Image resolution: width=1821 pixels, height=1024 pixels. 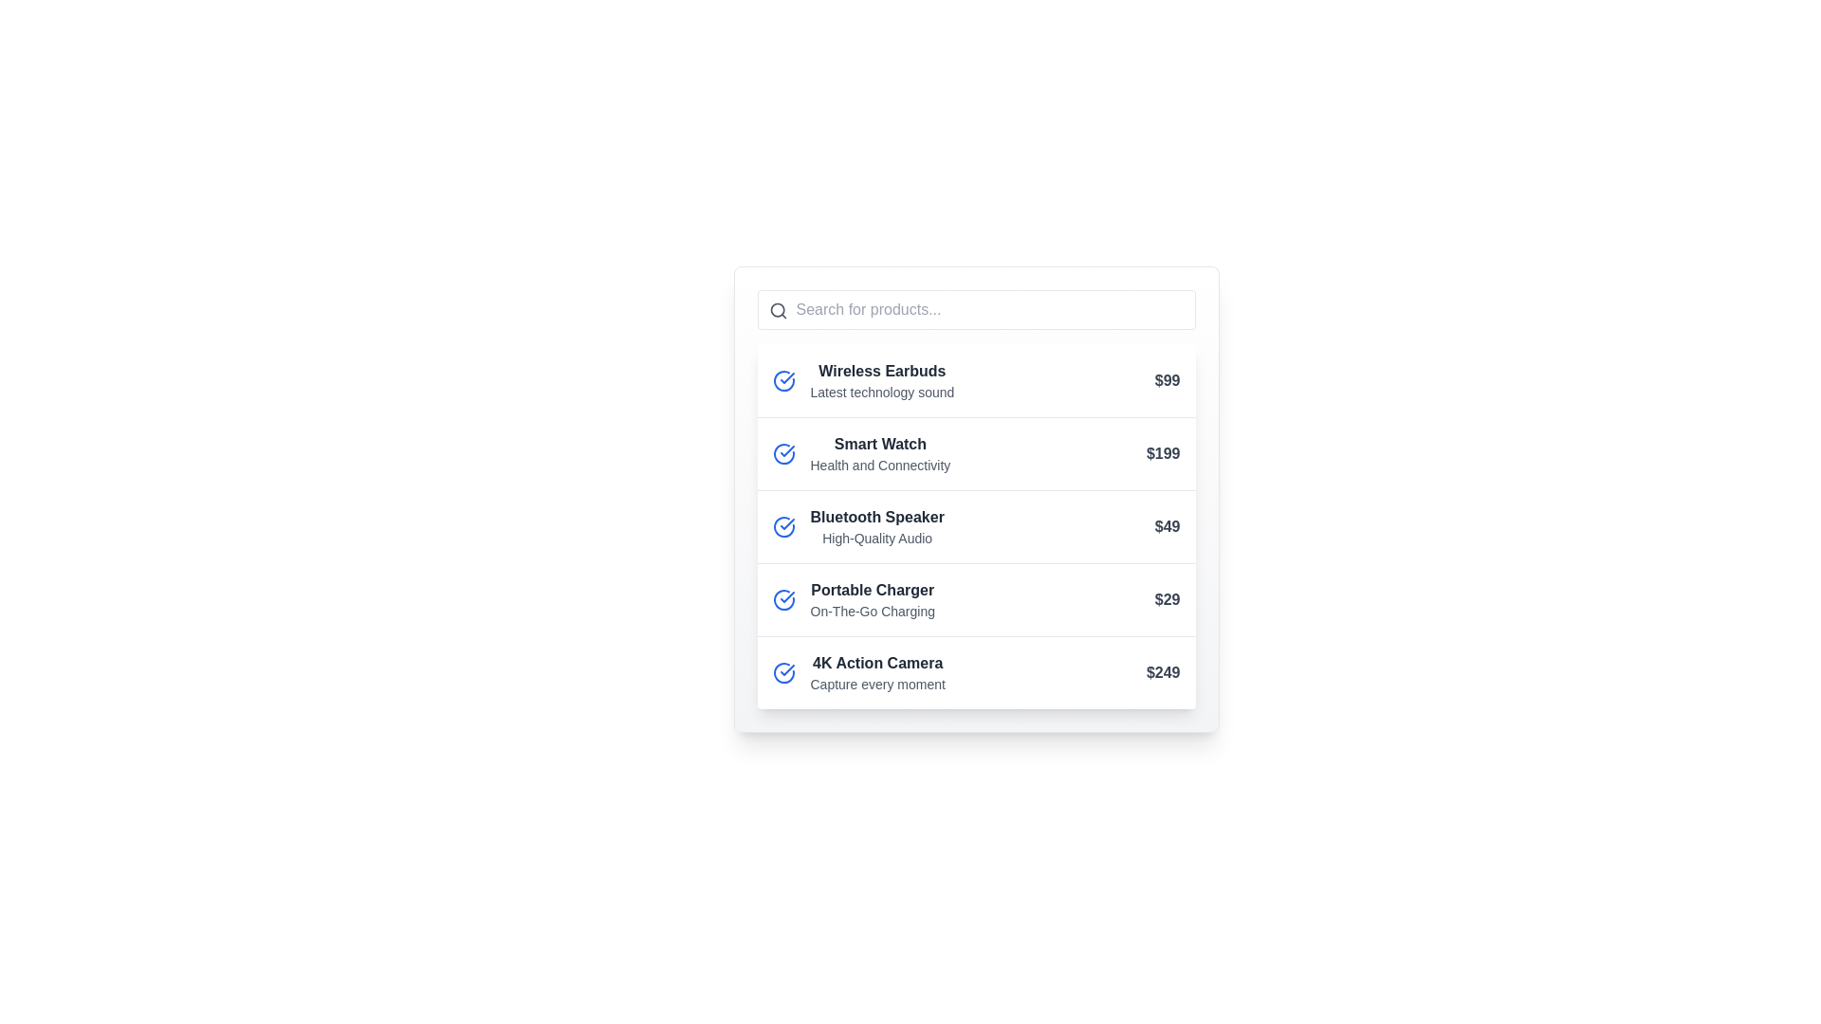 I want to click on the static text label displaying the title 'Bluetooth Speaker', which is styled in bold dark gray and is the main title of the item entry, so click(x=876, y=518).